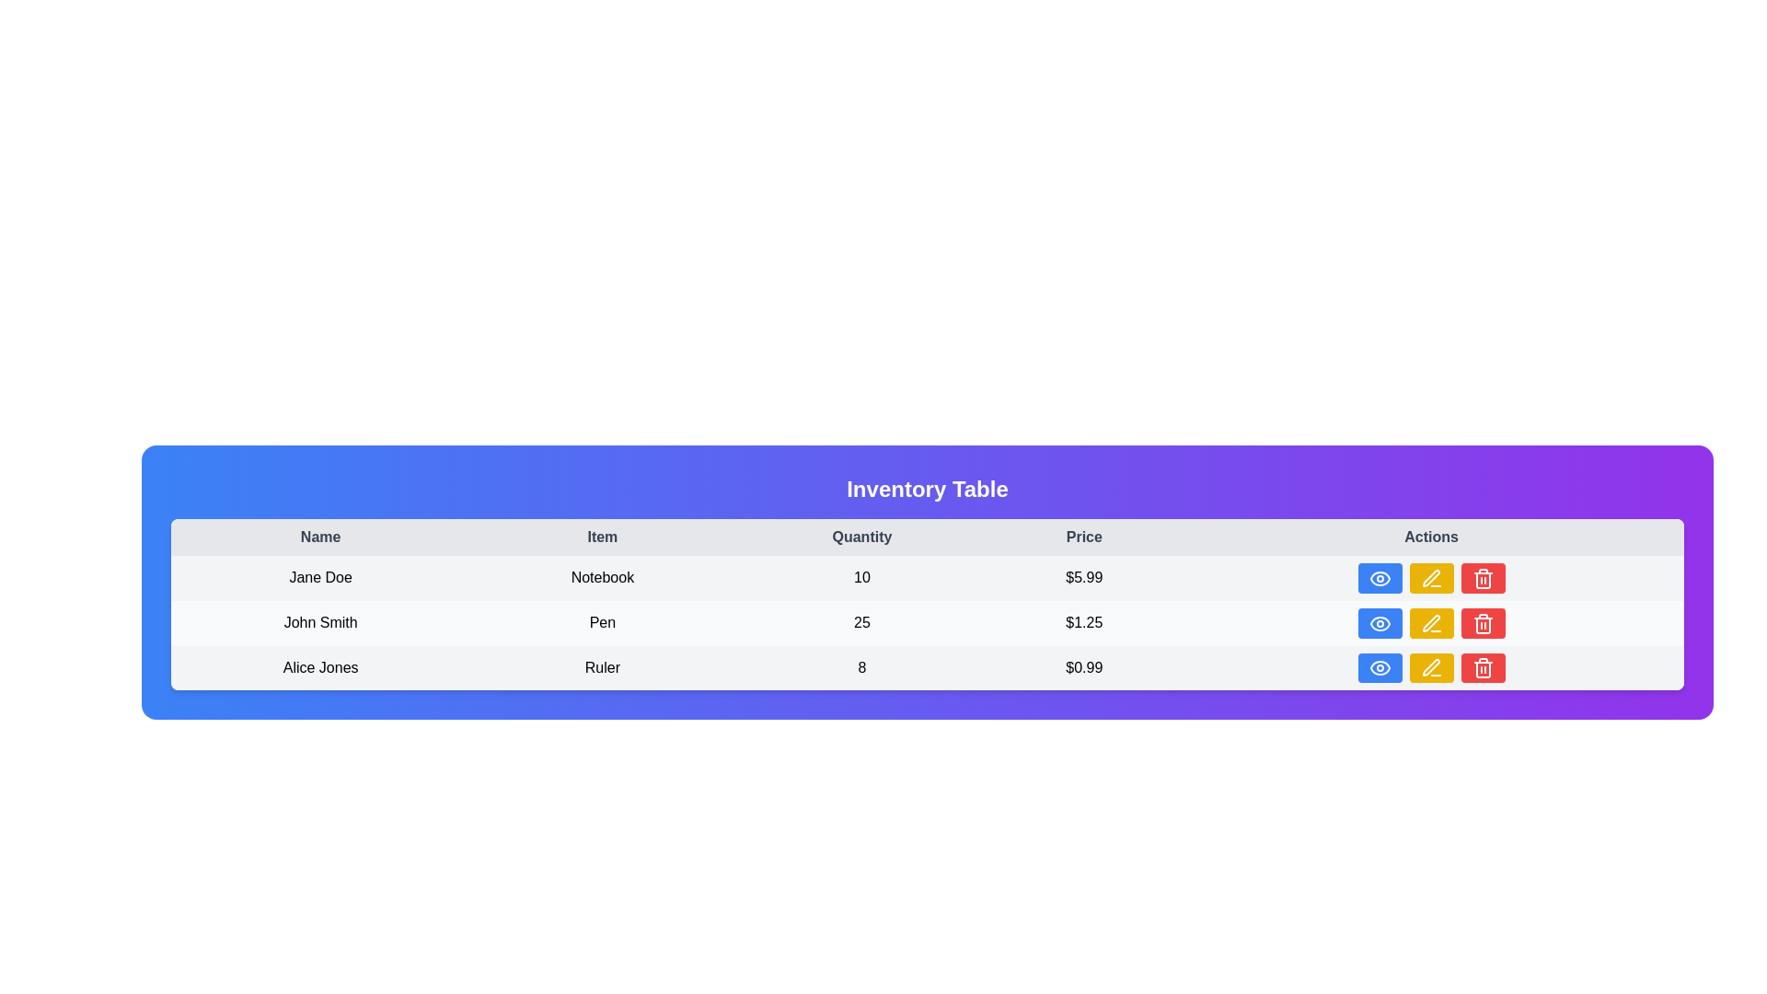 The image size is (1767, 994). Describe the element at coordinates (1380, 577) in the screenshot. I see `the eye-shaped icon within the blue button located in the 'Actions' column of the table for 'John Smith'` at that location.